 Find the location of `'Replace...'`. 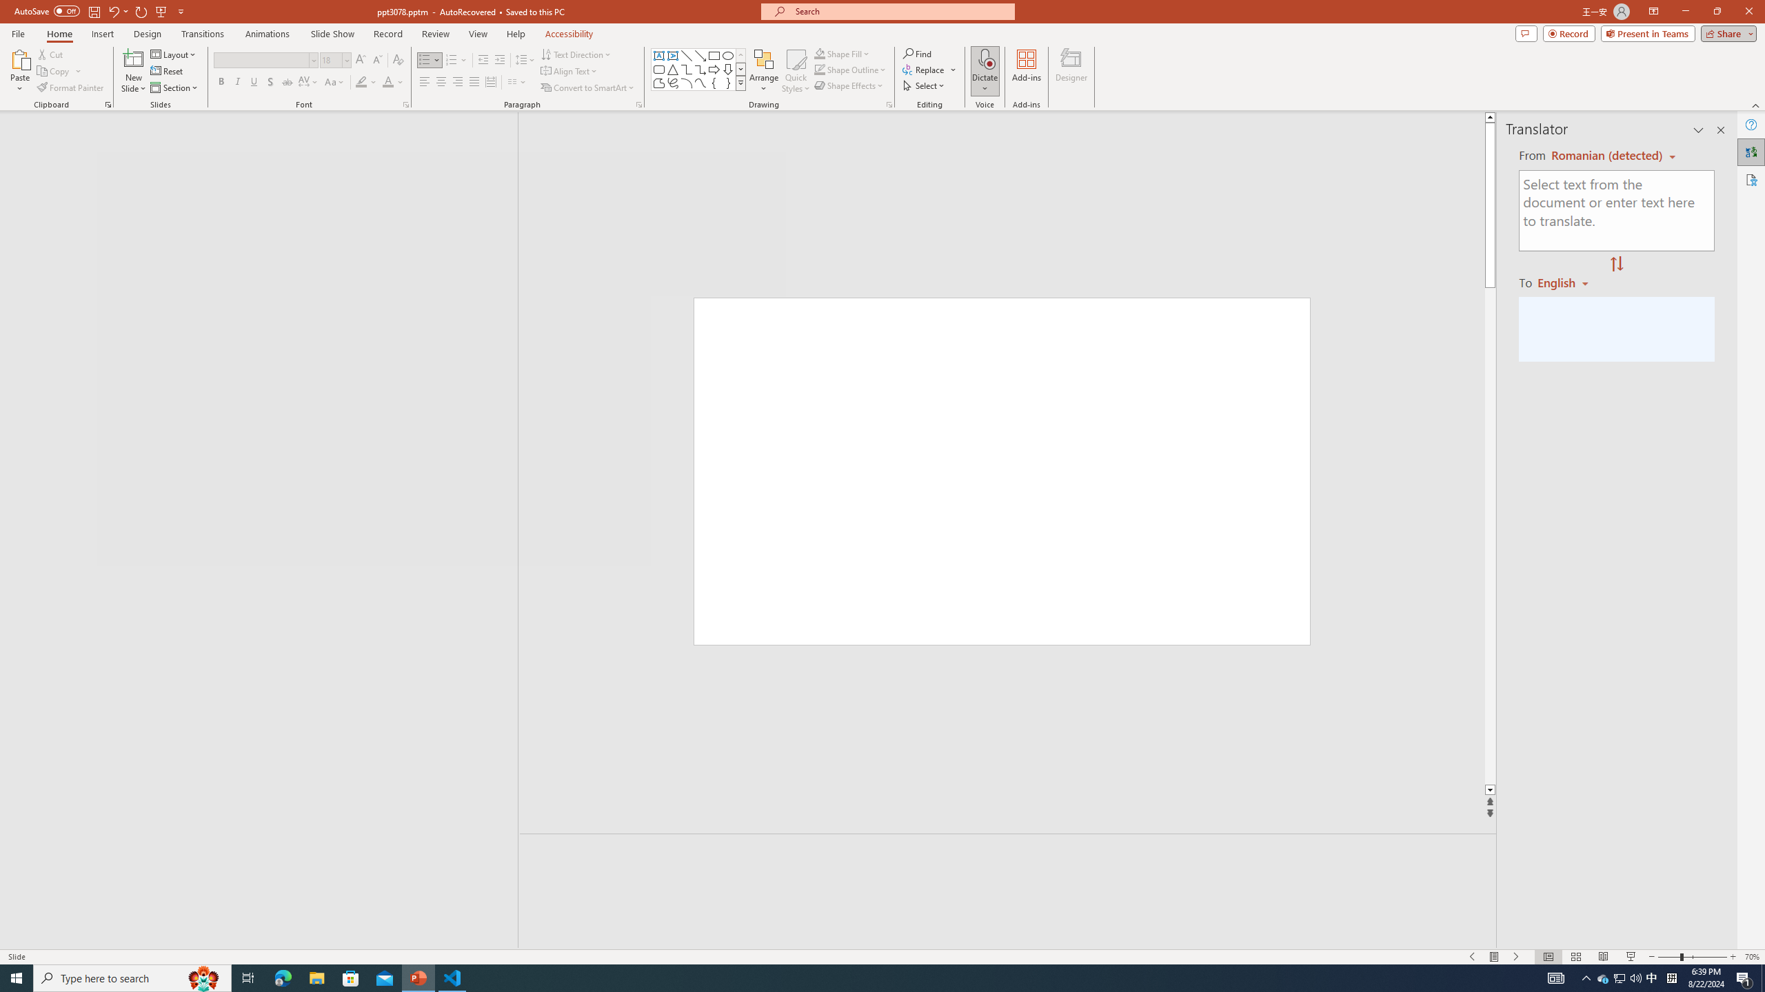

'Replace...' is located at coordinates (930, 68).